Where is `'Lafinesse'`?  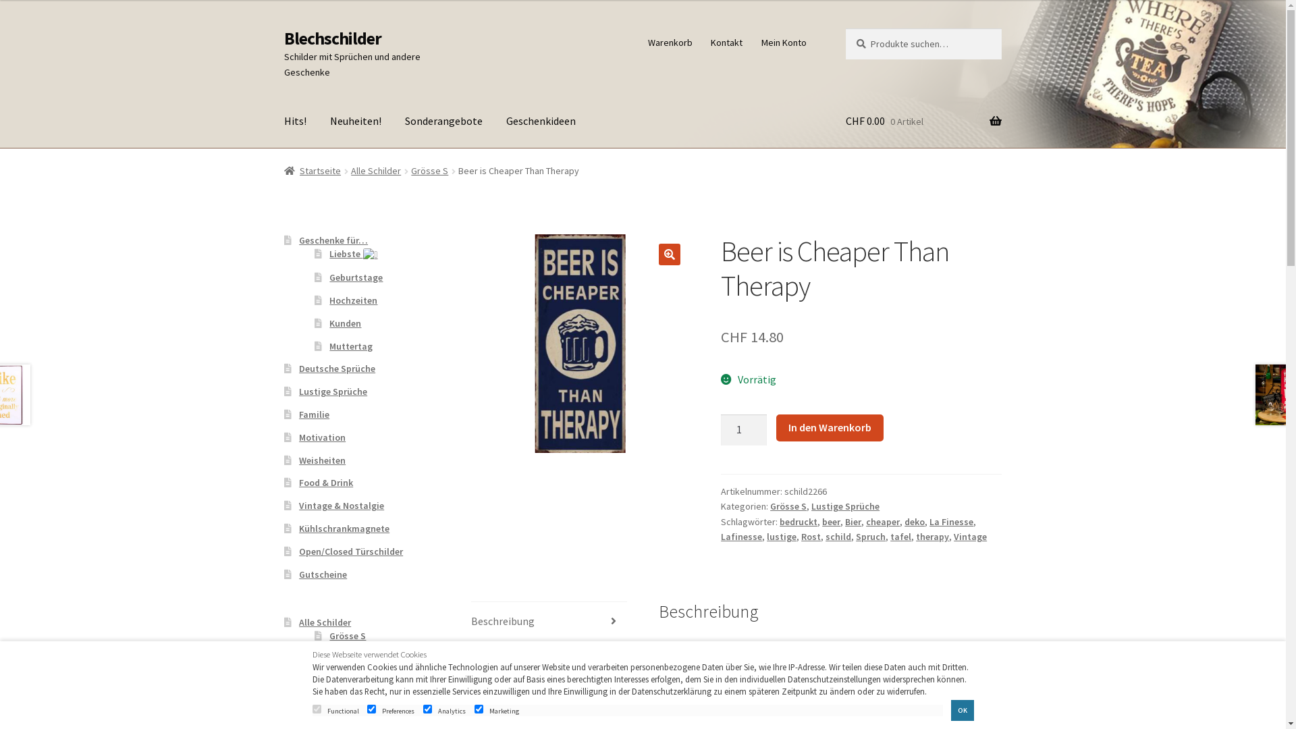 'Lafinesse' is located at coordinates (720, 535).